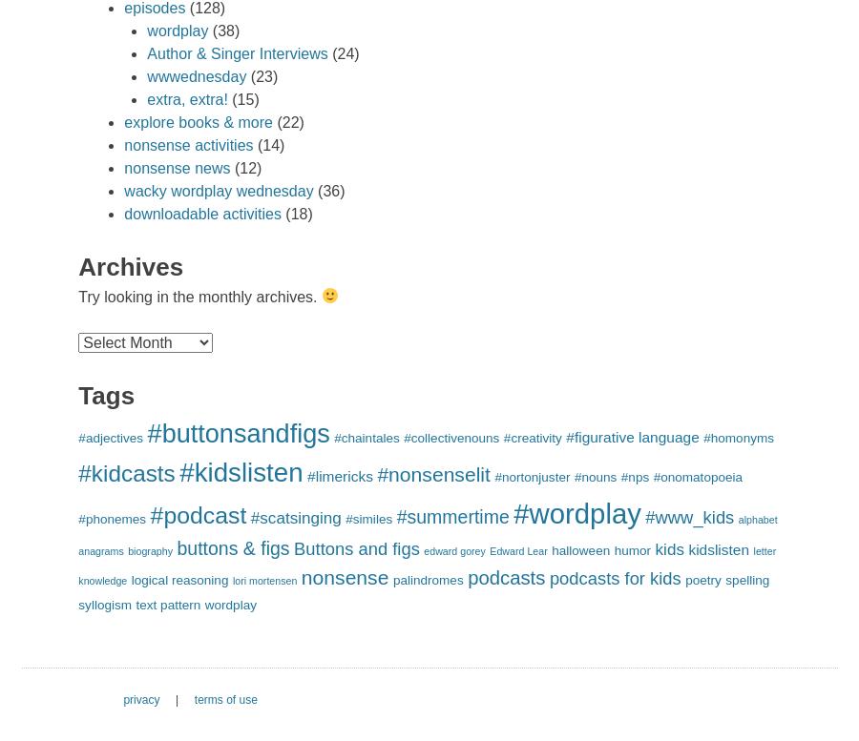 The height and width of the screenshot is (741, 859). I want to click on '#homonyms', so click(738, 437).